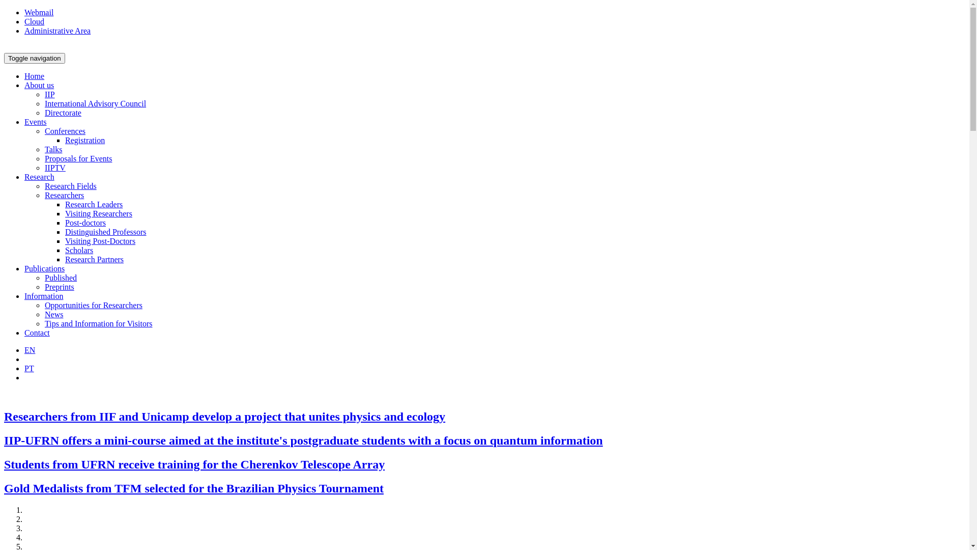 This screenshot has width=977, height=550. Describe the element at coordinates (39, 176) in the screenshot. I see `'Research'` at that location.